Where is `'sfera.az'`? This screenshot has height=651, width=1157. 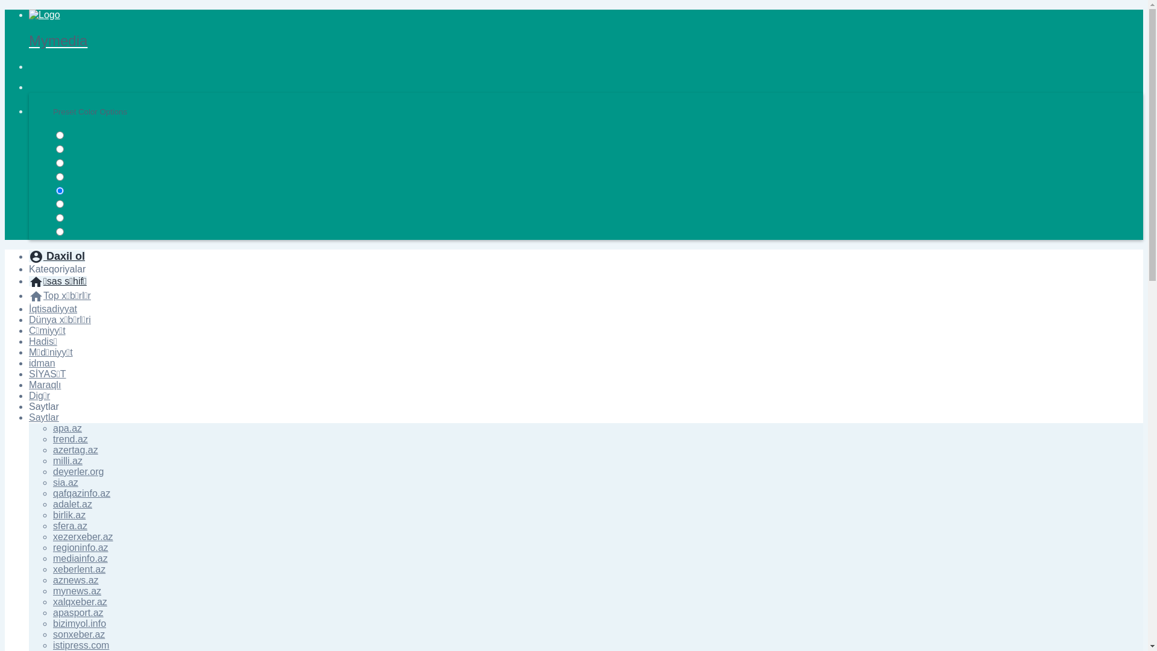
'sfera.az' is located at coordinates (69, 525).